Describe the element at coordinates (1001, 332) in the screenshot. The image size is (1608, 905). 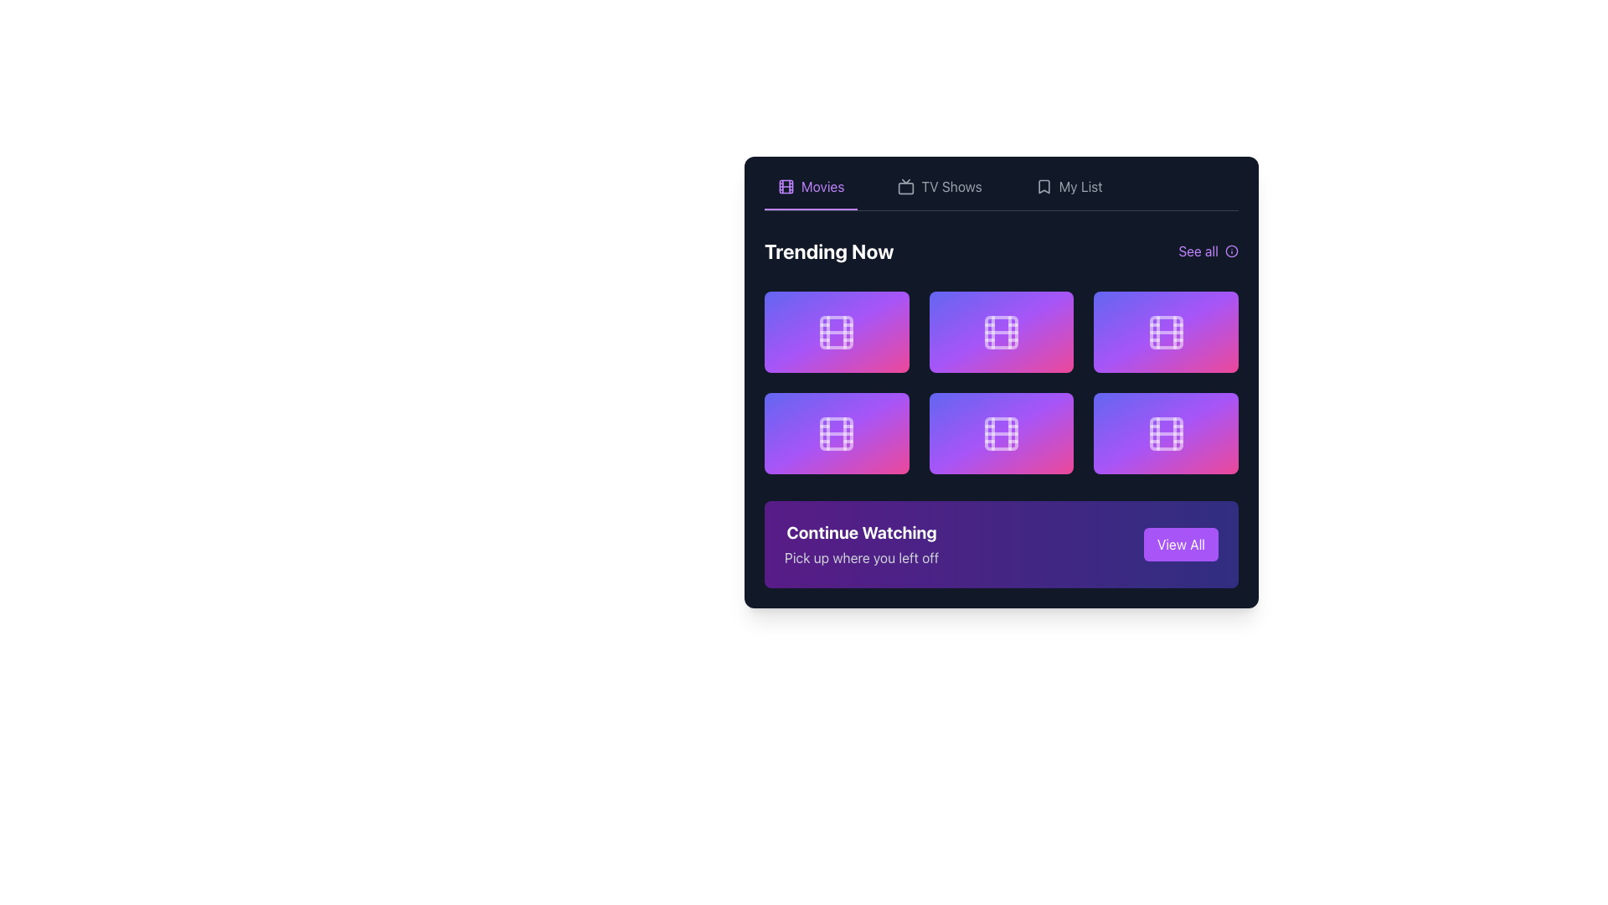
I see `the media item icon located in the second row and middle column of the 'Trending Now' section` at that location.